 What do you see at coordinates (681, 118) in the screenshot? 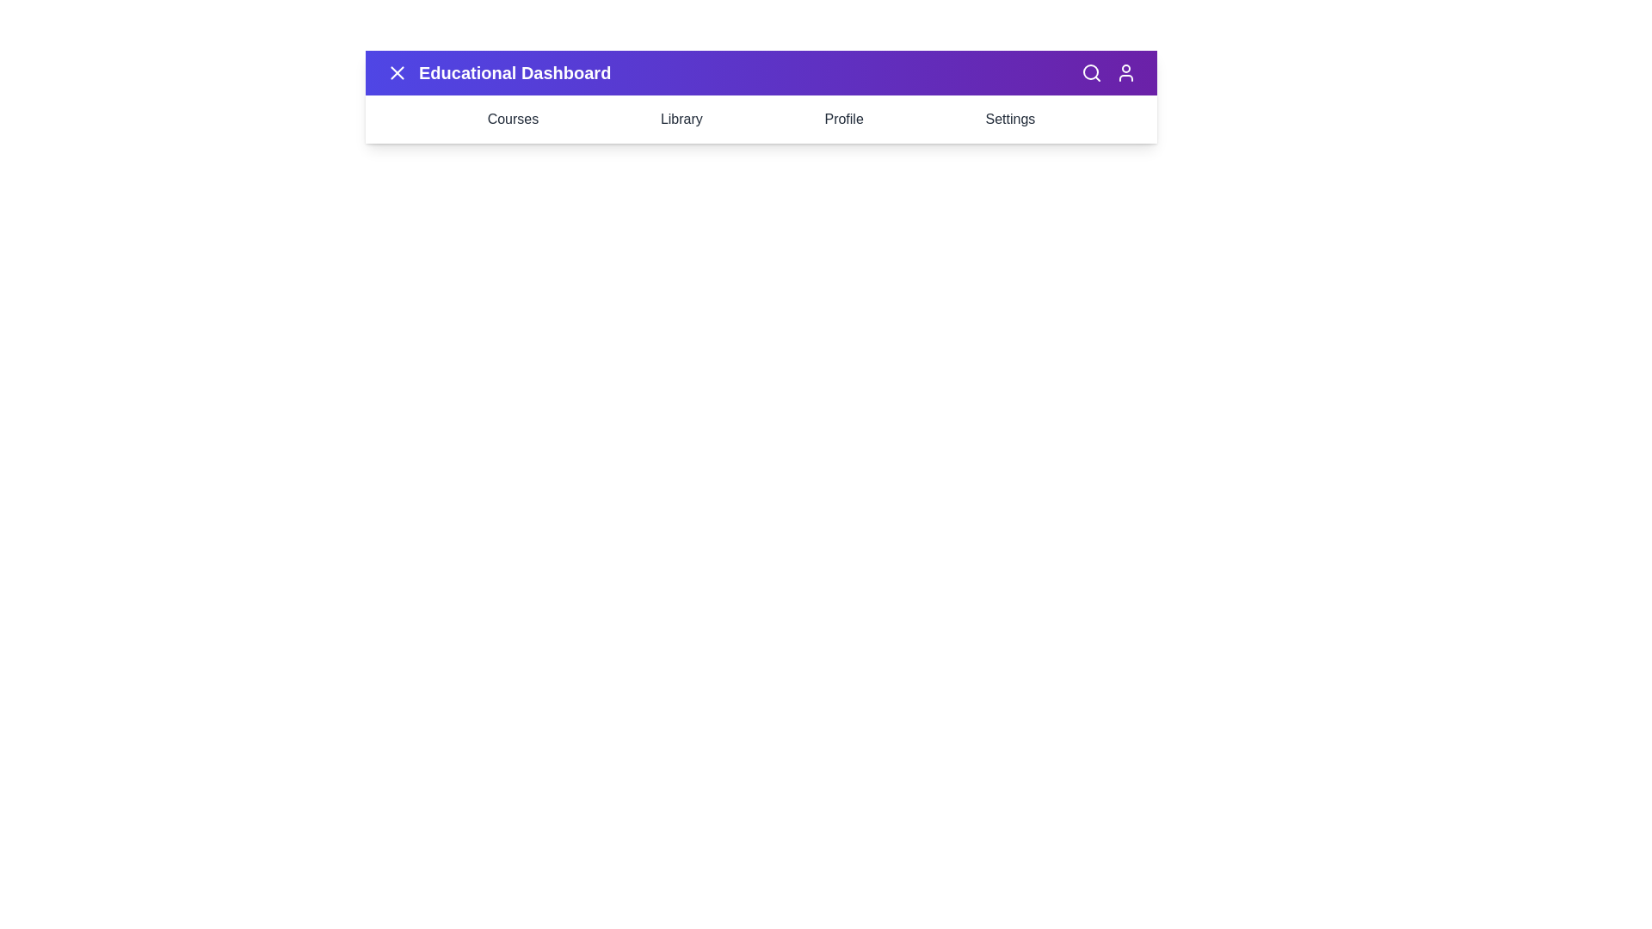
I see `the 'Library' menu item` at bounding box center [681, 118].